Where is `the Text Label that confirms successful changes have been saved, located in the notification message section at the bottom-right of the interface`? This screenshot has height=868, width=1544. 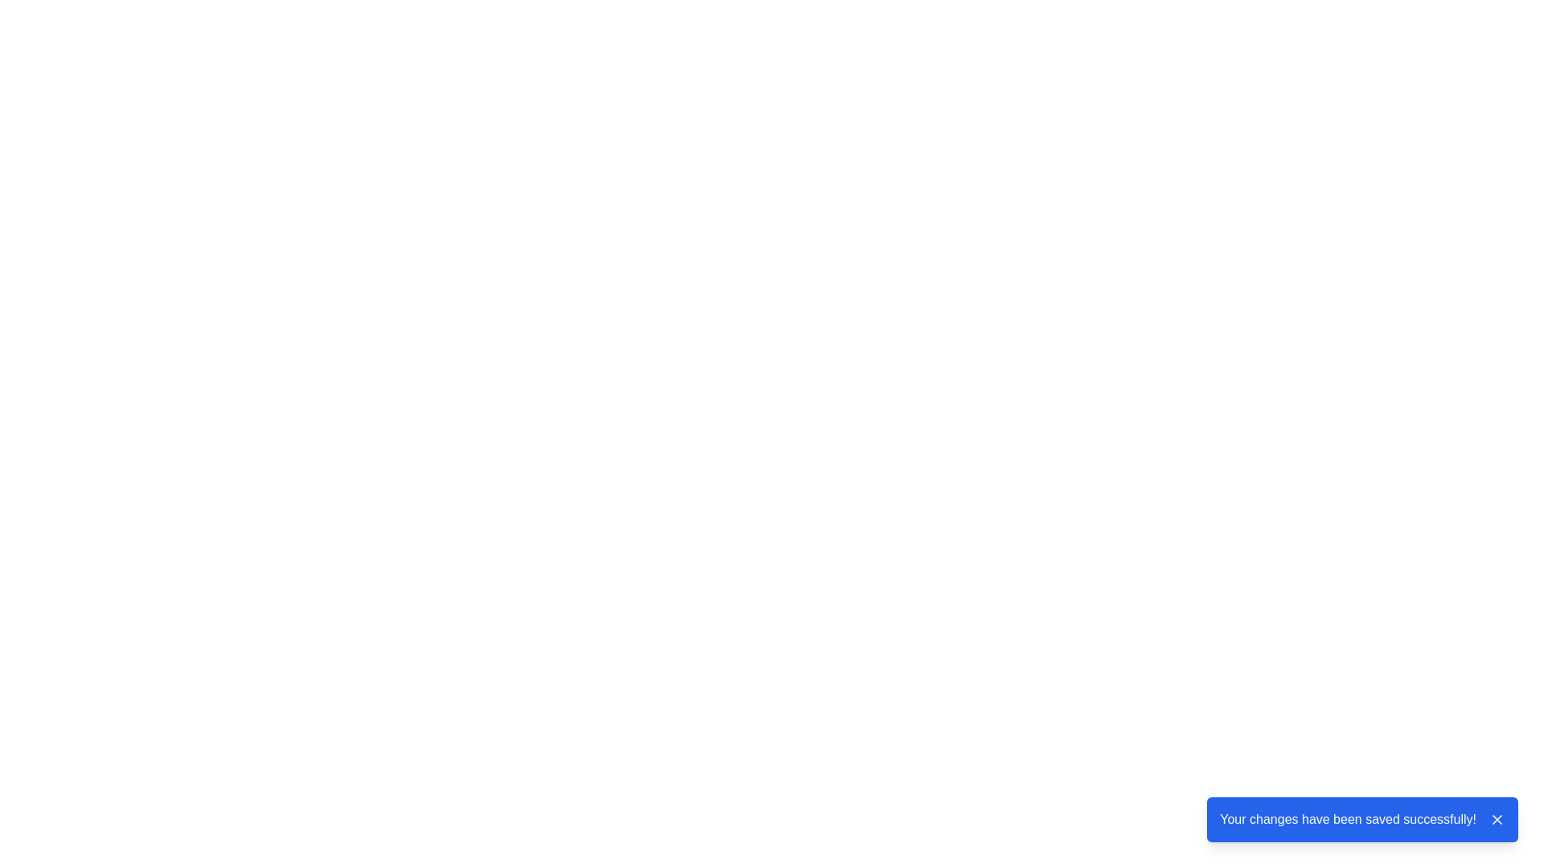
the Text Label that confirms successful changes have been saved, located in the notification message section at the bottom-right of the interface is located at coordinates (1348, 819).